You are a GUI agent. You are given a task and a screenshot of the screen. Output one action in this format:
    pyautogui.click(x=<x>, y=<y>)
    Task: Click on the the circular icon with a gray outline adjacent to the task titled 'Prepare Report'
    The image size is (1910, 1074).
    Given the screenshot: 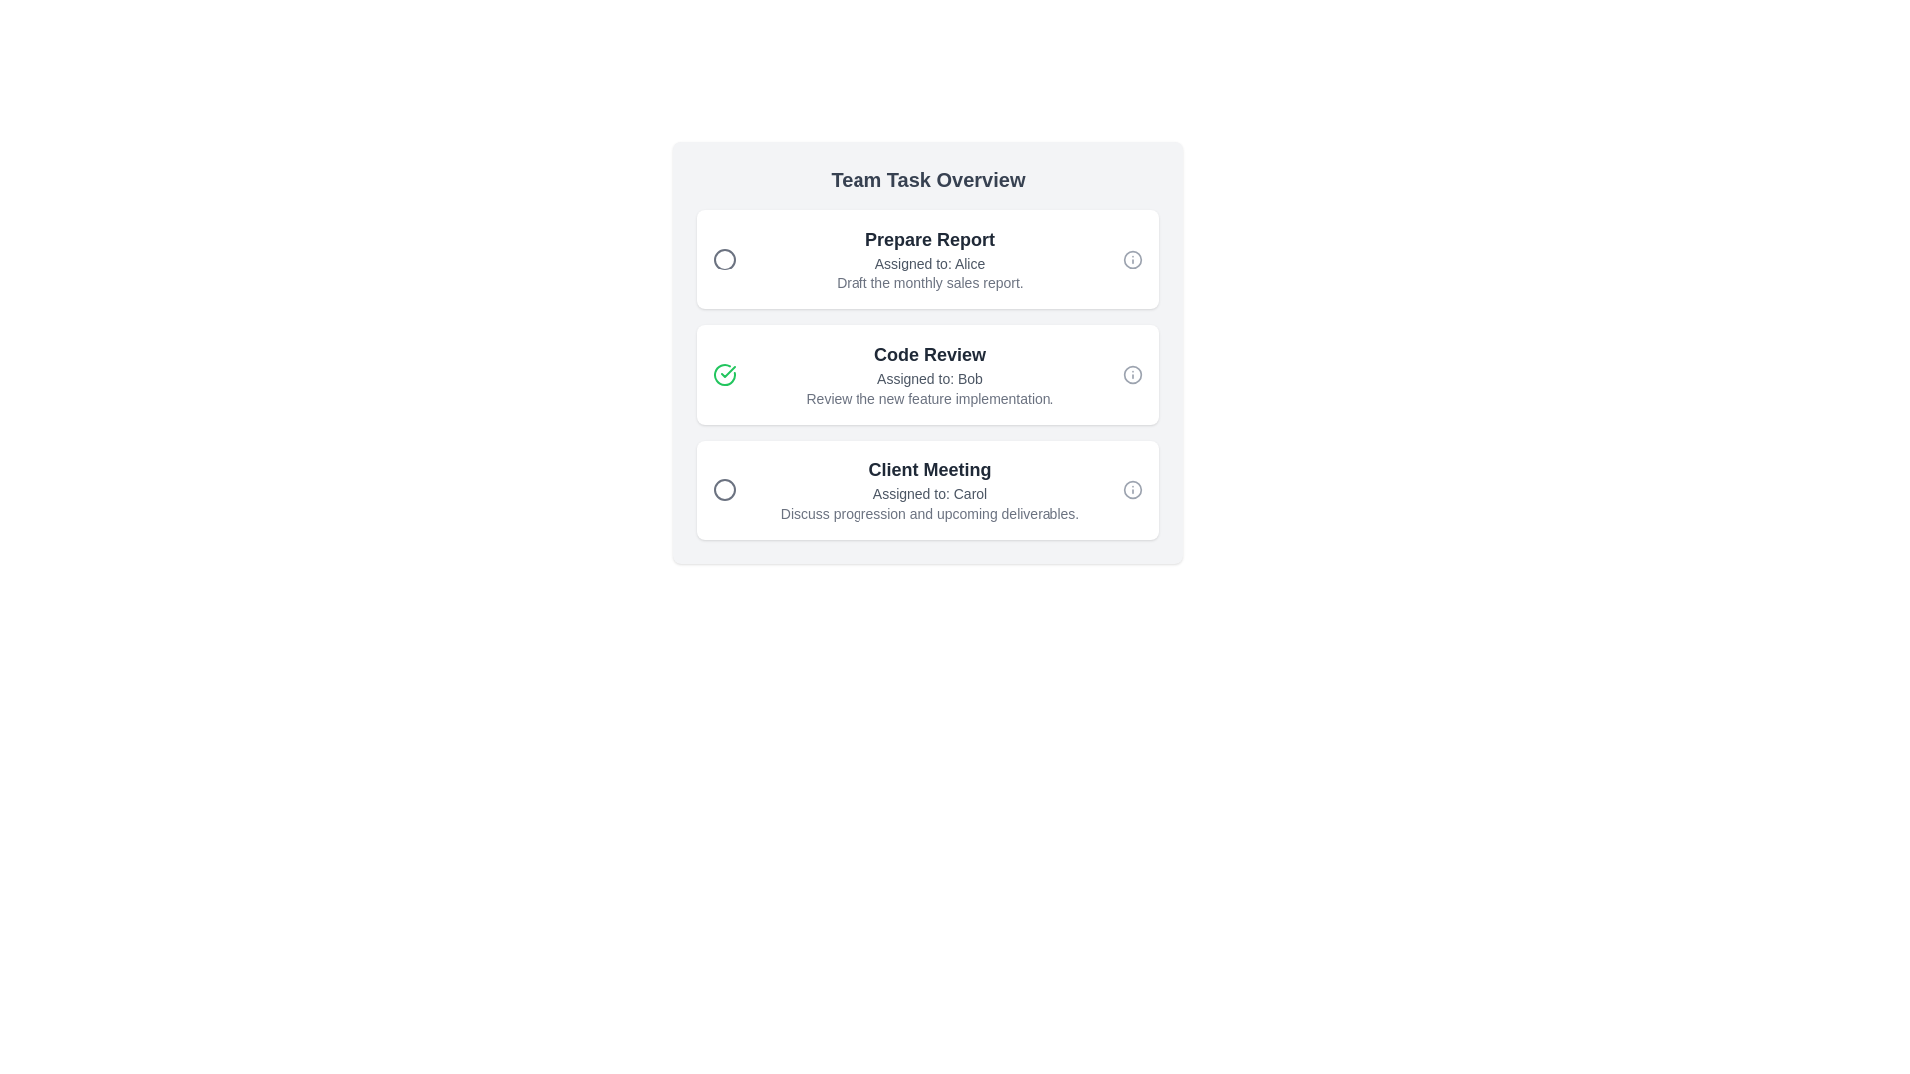 What is the action you would take?
    pyautogui.click(x=724, y=259)
    